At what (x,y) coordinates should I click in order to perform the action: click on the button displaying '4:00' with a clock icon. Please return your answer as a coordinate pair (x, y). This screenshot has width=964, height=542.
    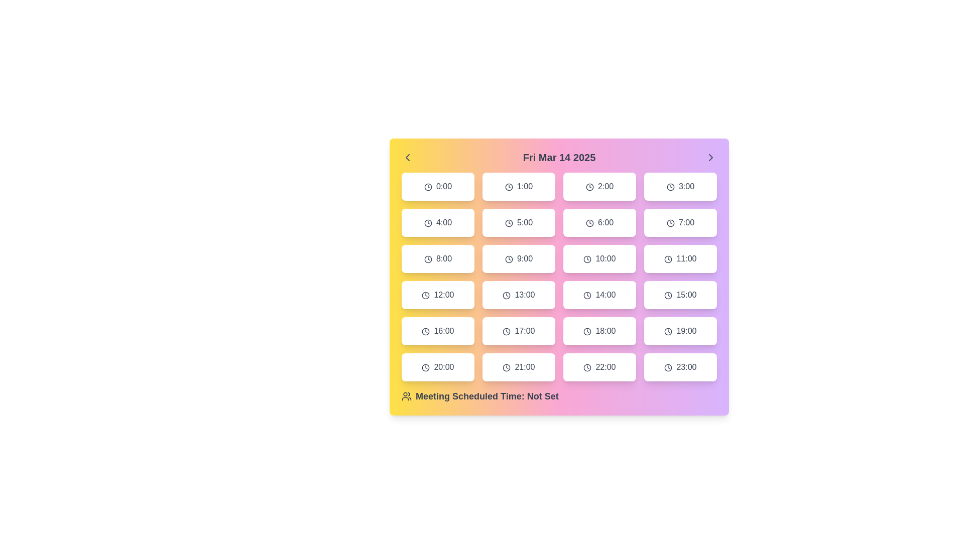
    Looking at the image, I should click on (438, 222).